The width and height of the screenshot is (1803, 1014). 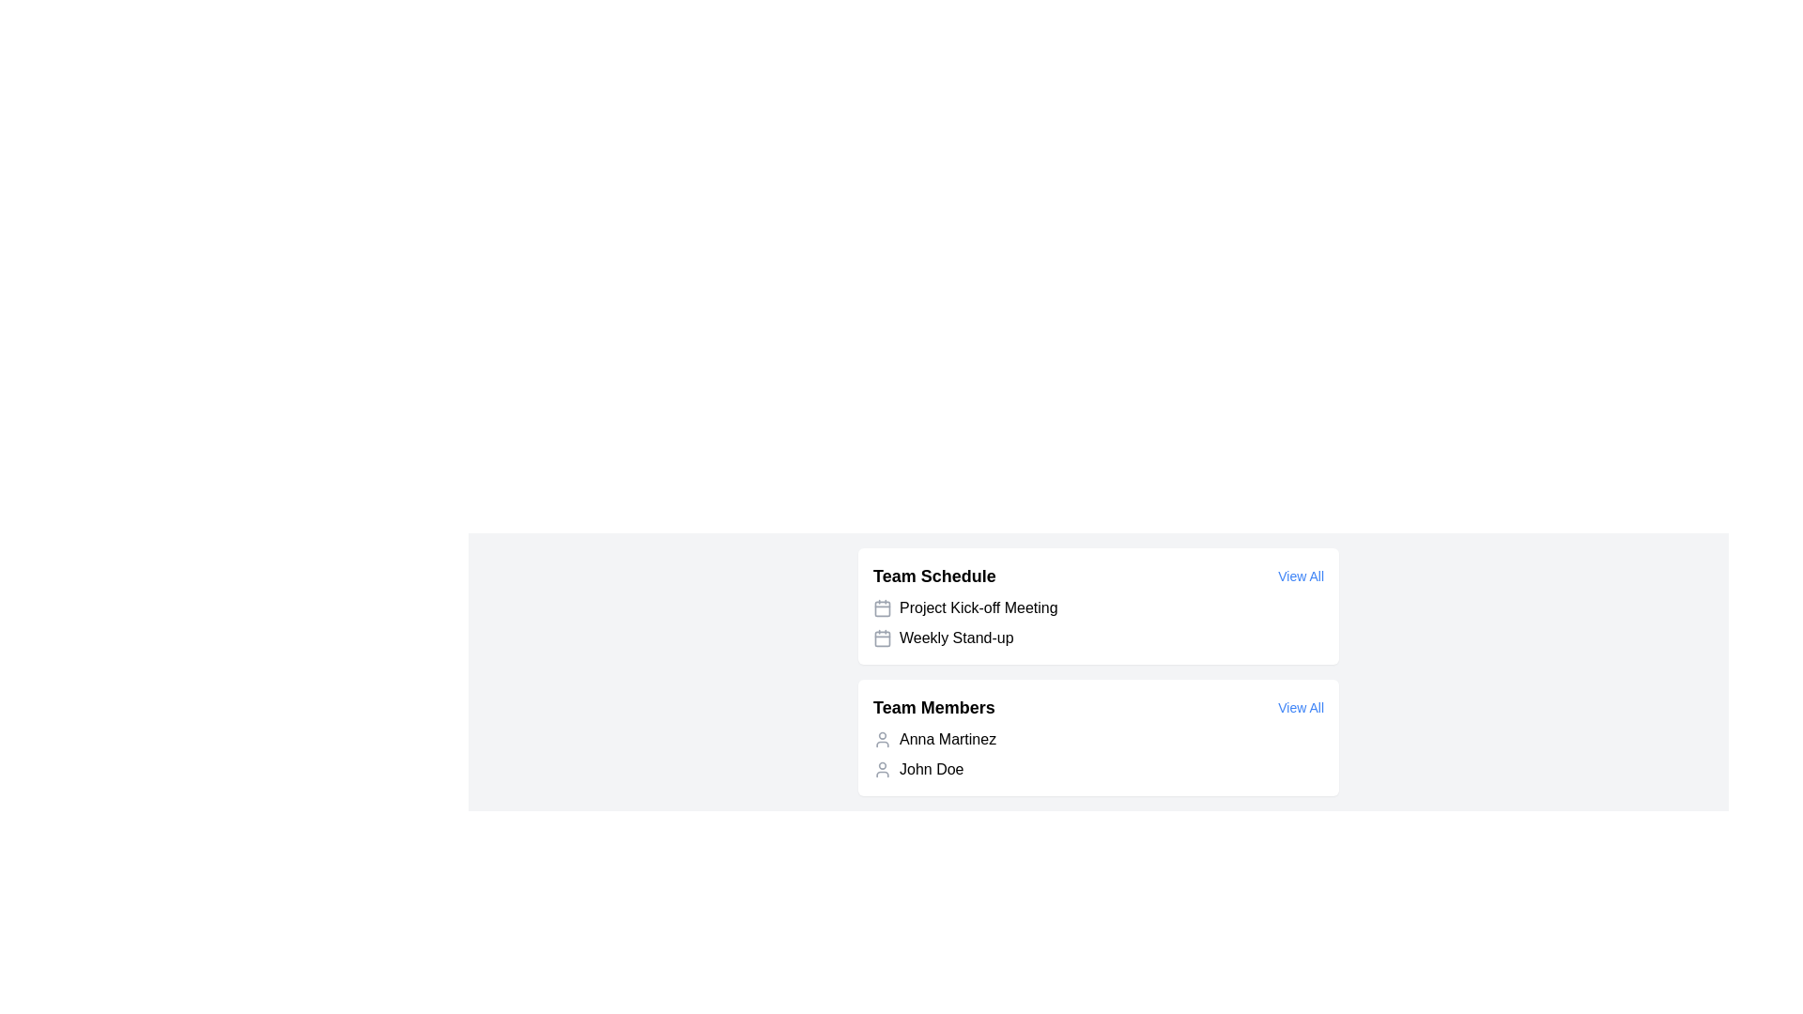 What do you see at coordinates (1099, 770) in the screenshot?
I see `the second list item representing a team member's information in the 'Team Members' section` at bounding box center [1099, 770].